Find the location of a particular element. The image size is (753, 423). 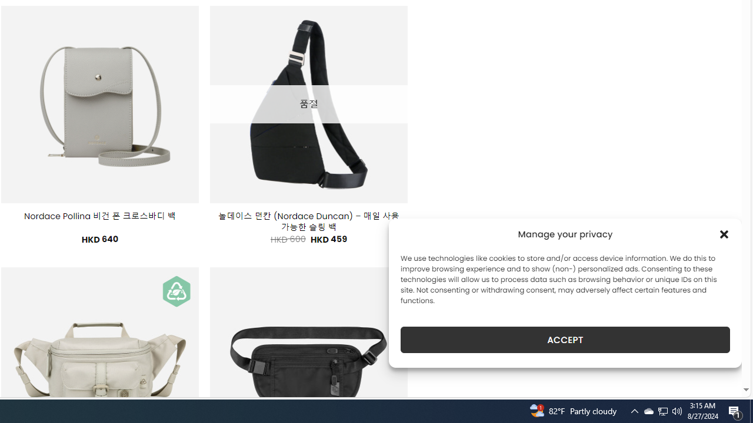

'Class: cmplz-close' is located at coordinates (724, 234).